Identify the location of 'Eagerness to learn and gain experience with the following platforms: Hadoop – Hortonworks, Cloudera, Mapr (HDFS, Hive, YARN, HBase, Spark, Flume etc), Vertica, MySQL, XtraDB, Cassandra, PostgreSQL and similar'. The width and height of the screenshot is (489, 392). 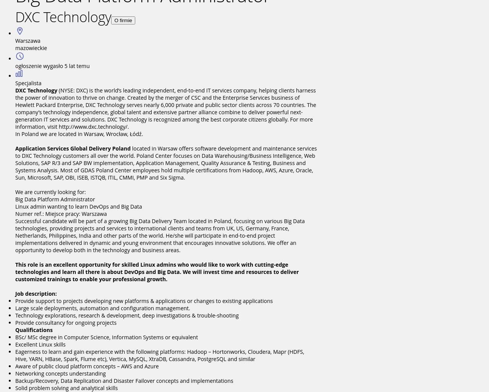
(15, 355).